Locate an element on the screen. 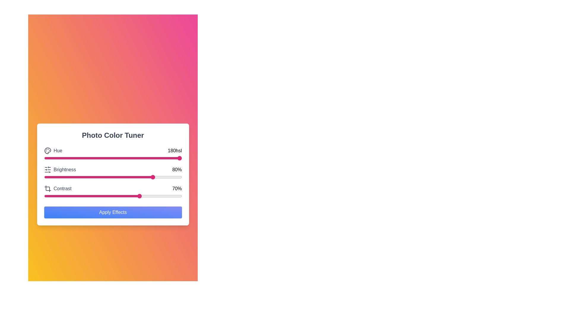 The image size is (570, 320). the brightness slider to set the brightness to 36% is located at coordinates (93, 177).